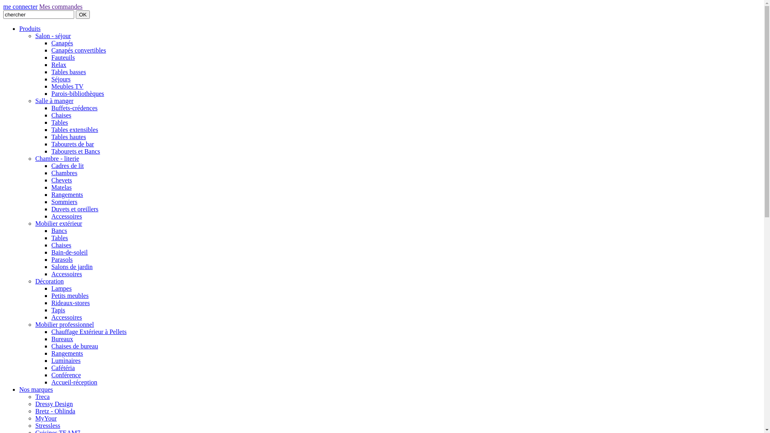 Image resolution: width=770 pixels, height=433 pixels. Describe the element at coordinates (73, 144) in the screenshot. I see `'Tabourets de bar'` at that location.